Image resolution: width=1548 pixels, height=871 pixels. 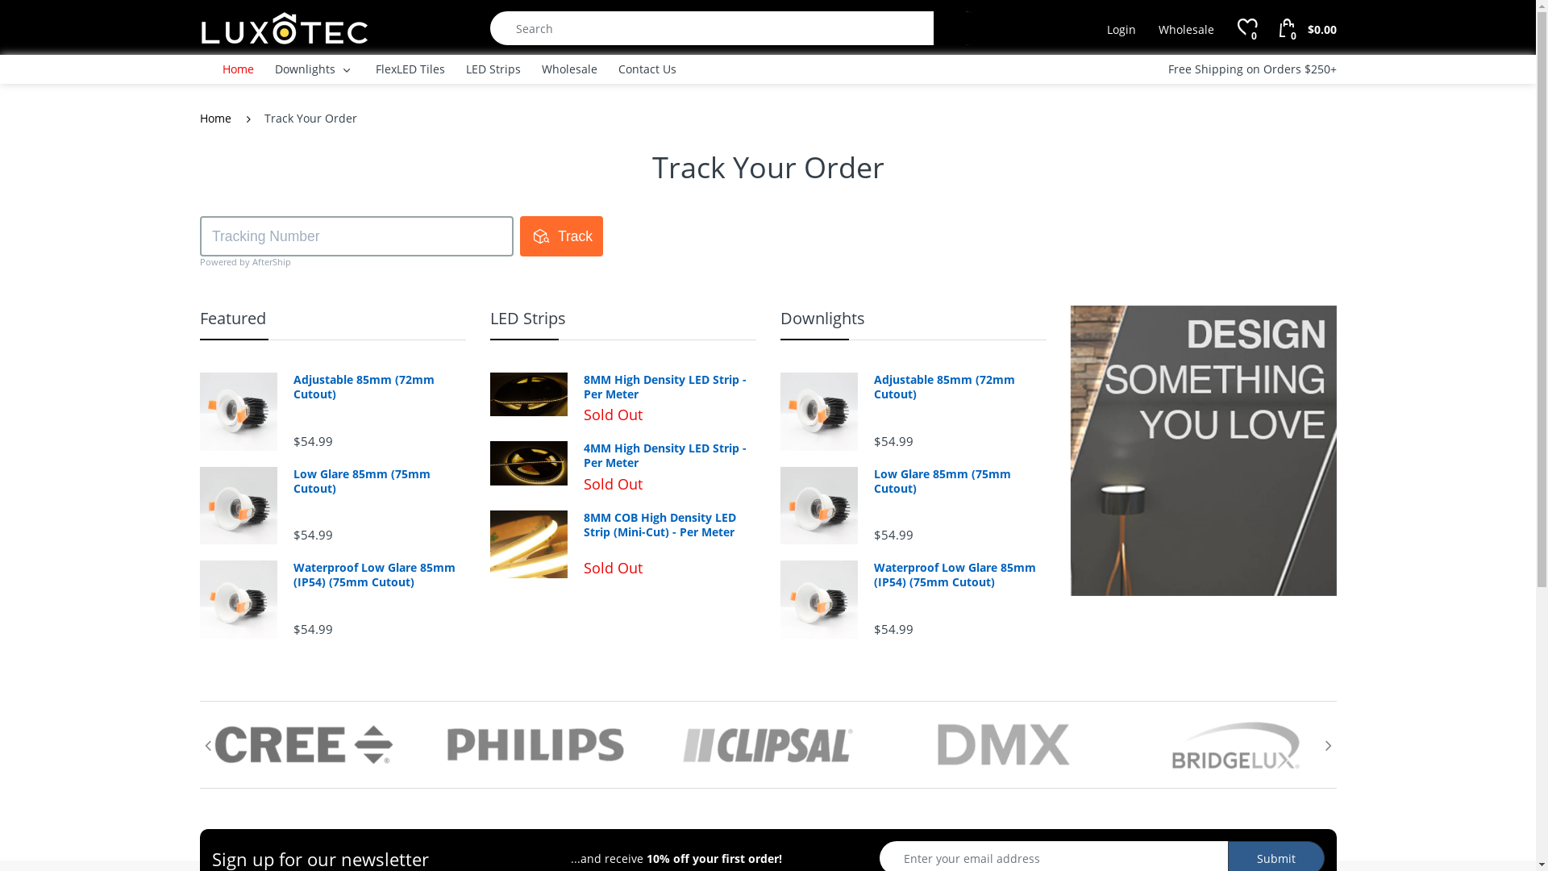 I want to click on 'Downlights', so click(x=304, y=68).